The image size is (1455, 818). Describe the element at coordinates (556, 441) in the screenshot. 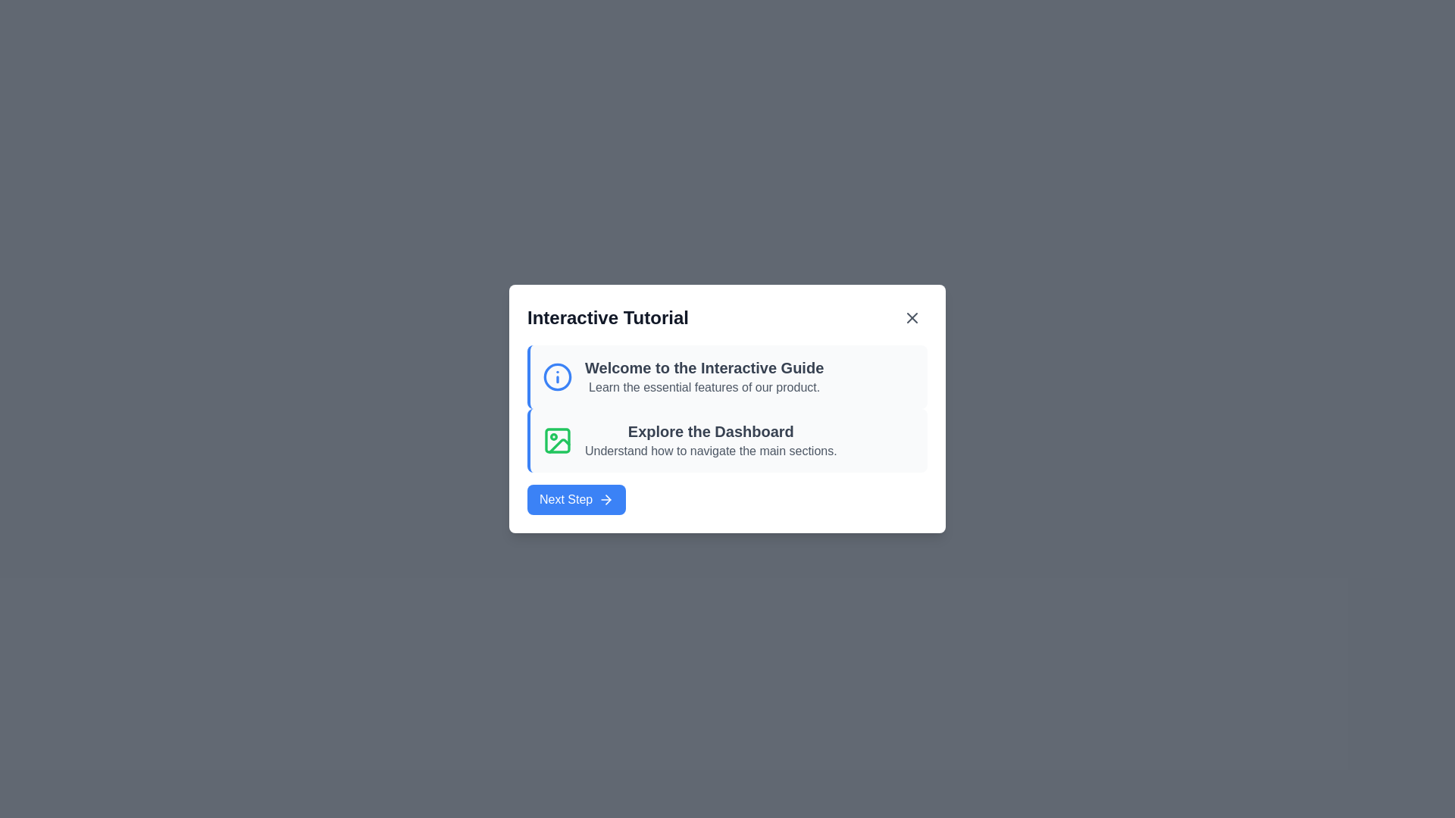

I see `the Decorative icon, which is a green outlined icon resembling a photograph, located to the left of the text 'Explore the Dashboard' in the tutorial steps` at that location.